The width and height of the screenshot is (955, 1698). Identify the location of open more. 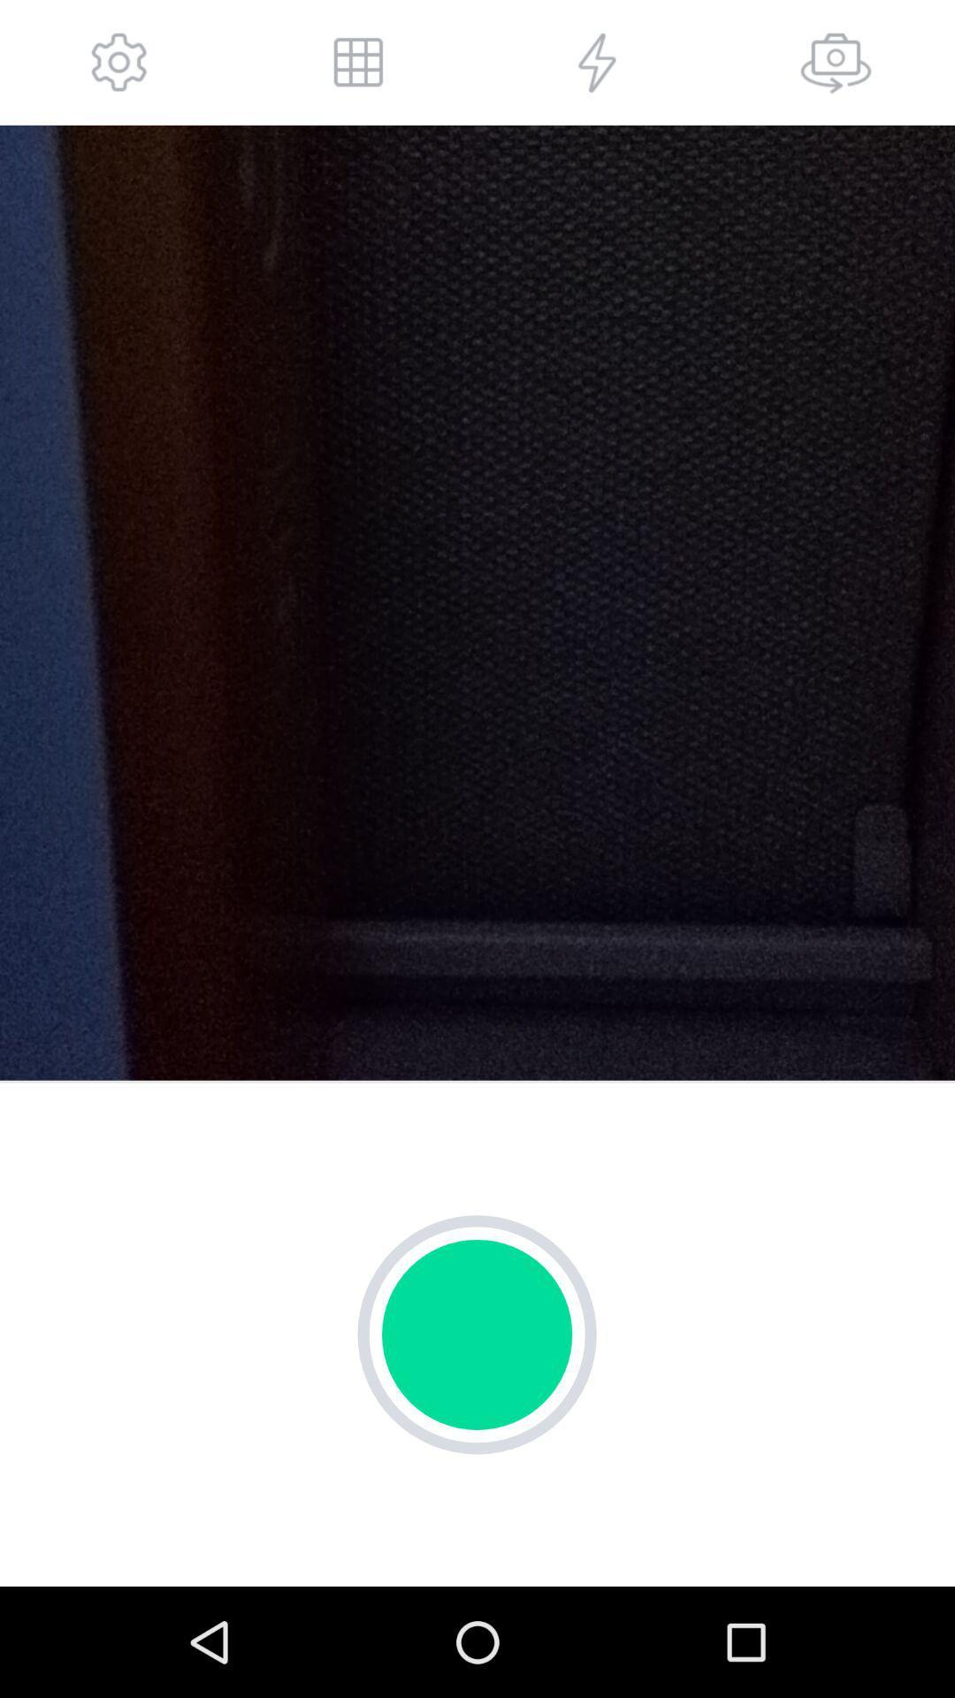
(358, 62).